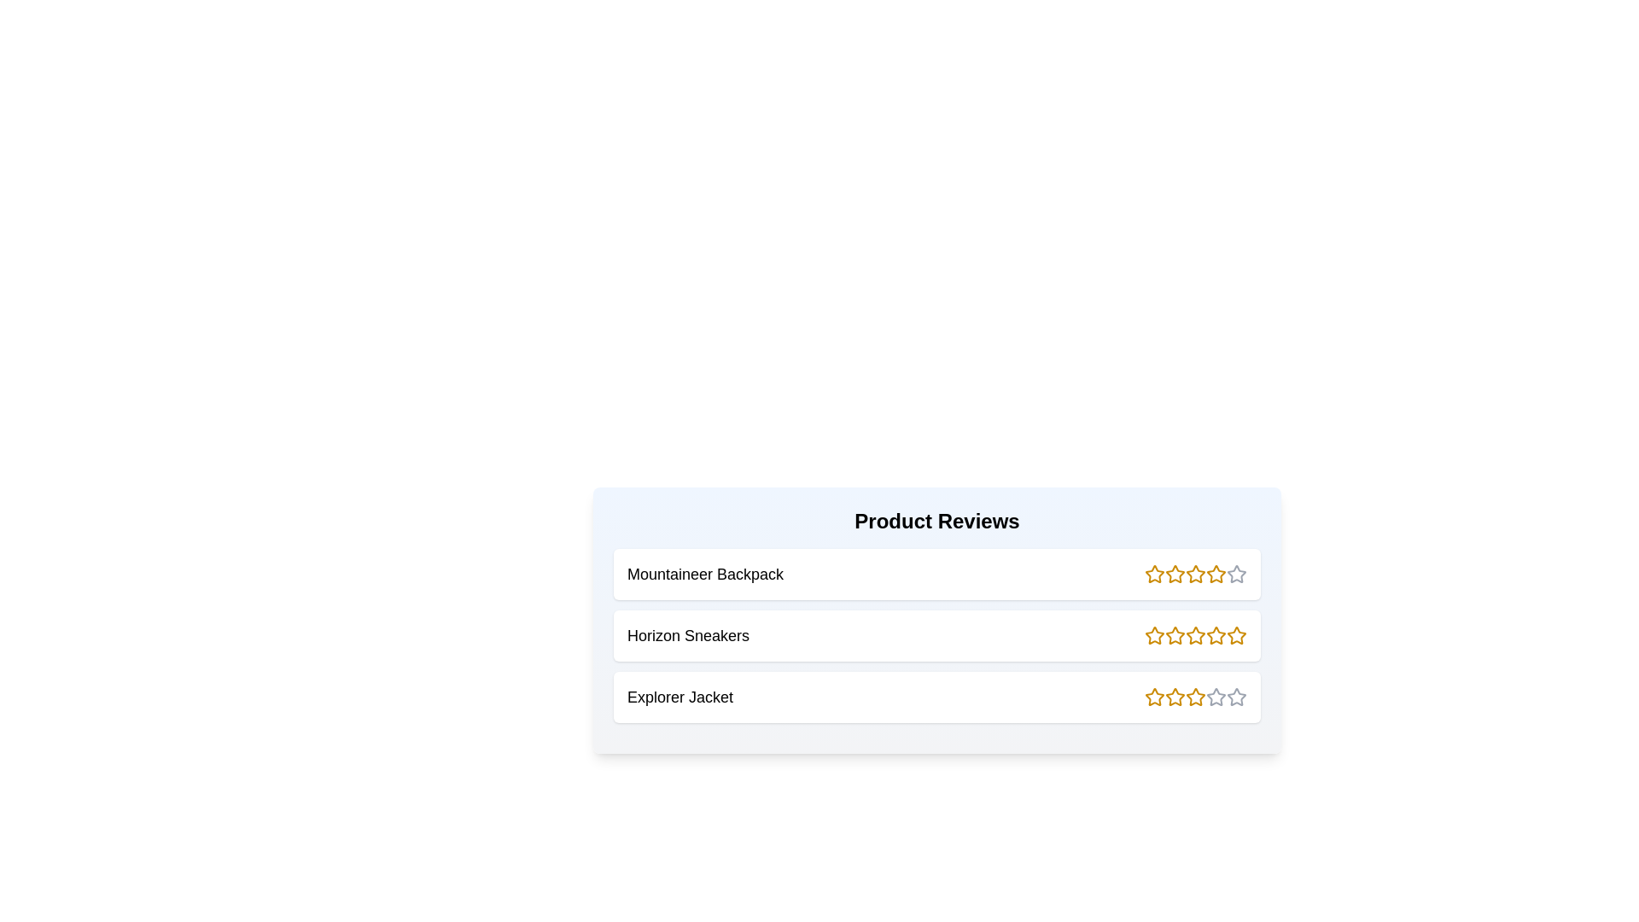  What do you see at coordinates (679, 697) in the screenshot?
I see `the product name Explorer Jacket to select it` at bounding box center [679, 697].